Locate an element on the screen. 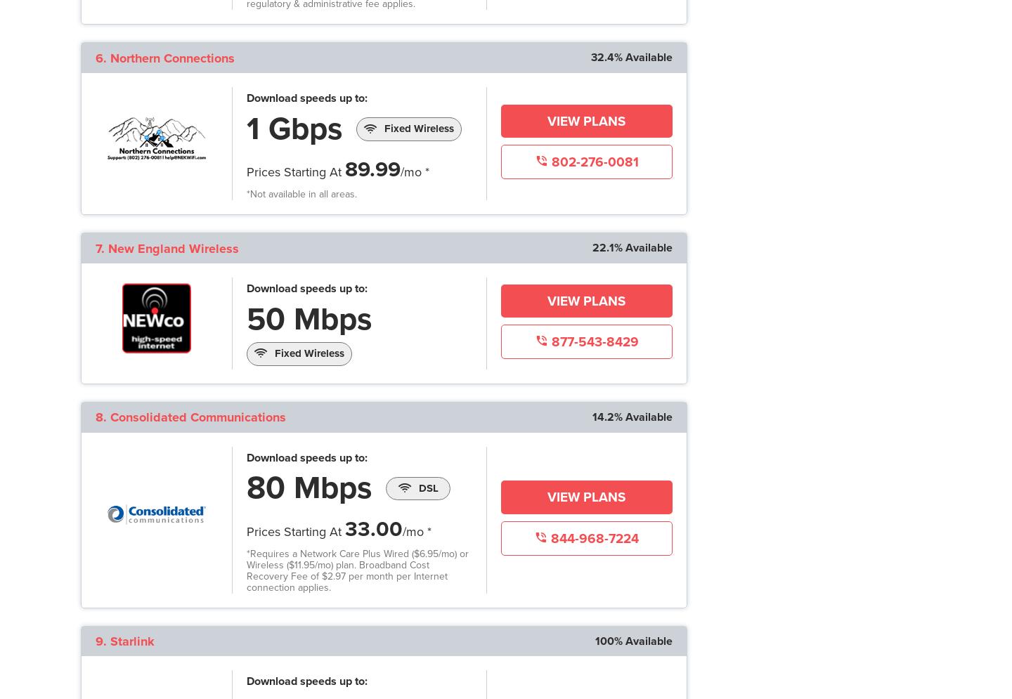 The image size is (1012, 699). '89.99' is located at coordinates (372, 169).